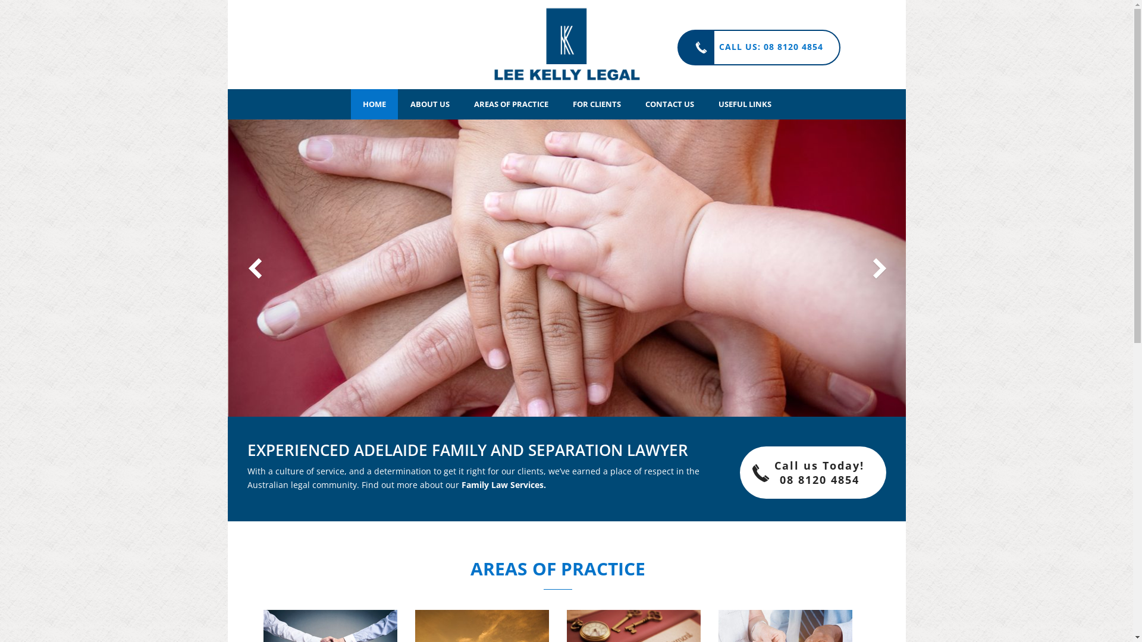 The image size is (1142, 642). What do you see at coordinates (744, 103) in the screenshot?
I see `'USEFUL LINKS'` at bounding box center [744, 103].